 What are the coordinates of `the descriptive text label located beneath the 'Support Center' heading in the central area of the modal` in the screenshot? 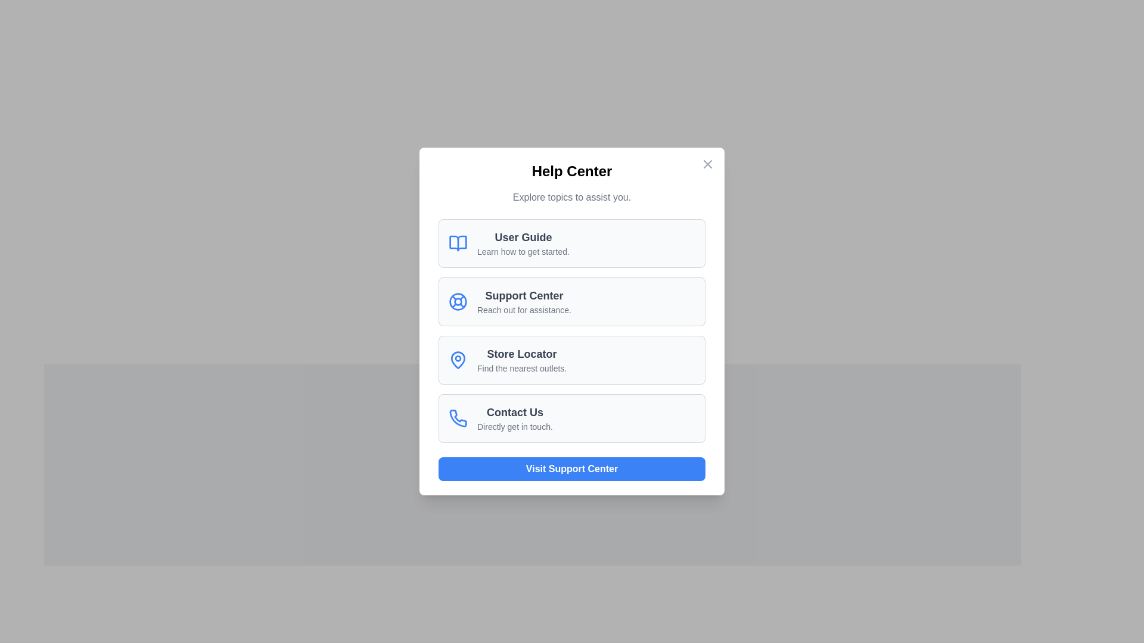 It's located at (524, 309).